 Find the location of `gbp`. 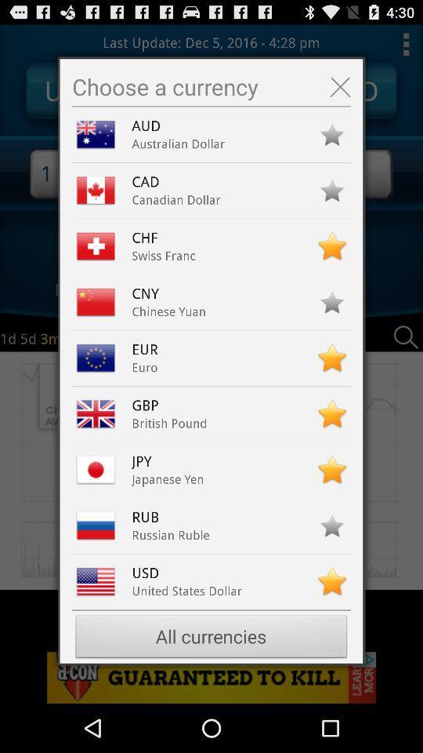

gbp is located at coordinates (149, 405).